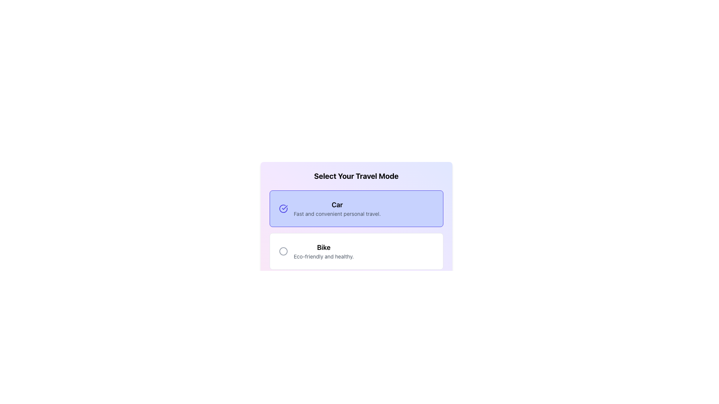  Describe the element at coordinates (283, 251) in the screenshot. I see `the circular outline graphical element representing an unselected state in the 'Select Your Travel Mode' section for the 'Bike' option` at that location.